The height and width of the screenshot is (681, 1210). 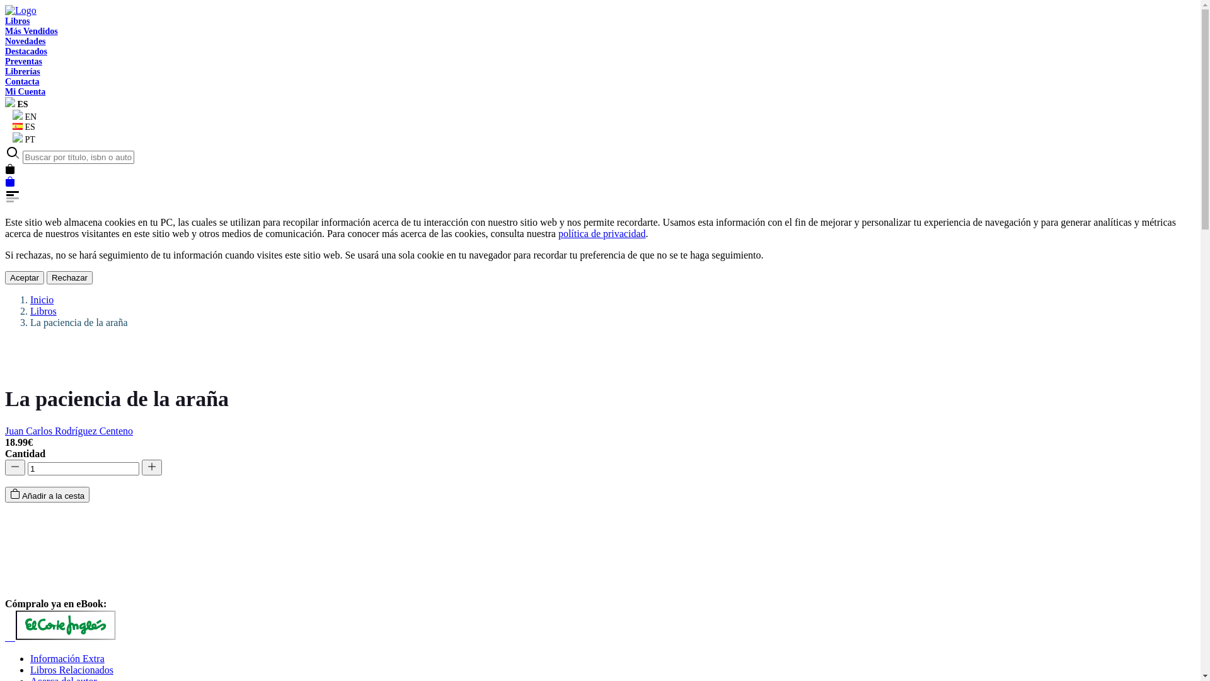 What do you see at coordinates (69, 277) in the screenshot?
I see `'Rechazar'` at bounding box center [69, 277].